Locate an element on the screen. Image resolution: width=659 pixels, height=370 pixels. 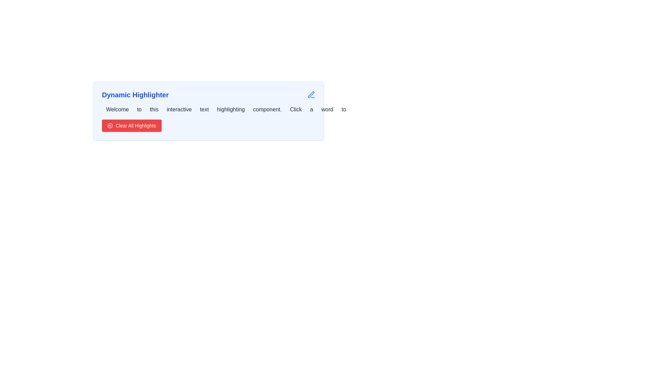
the interactive word component styled with padding and rounded corners, which displays the text 'component.' is located at coordinates (267, 109).